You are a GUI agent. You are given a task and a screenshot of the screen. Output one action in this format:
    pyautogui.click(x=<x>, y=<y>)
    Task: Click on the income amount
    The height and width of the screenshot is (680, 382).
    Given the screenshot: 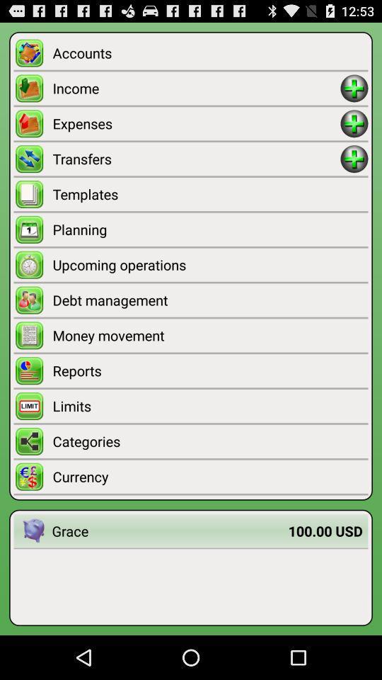 What is the action you would take?
    pyautogui.click(x=354, y=87)
    